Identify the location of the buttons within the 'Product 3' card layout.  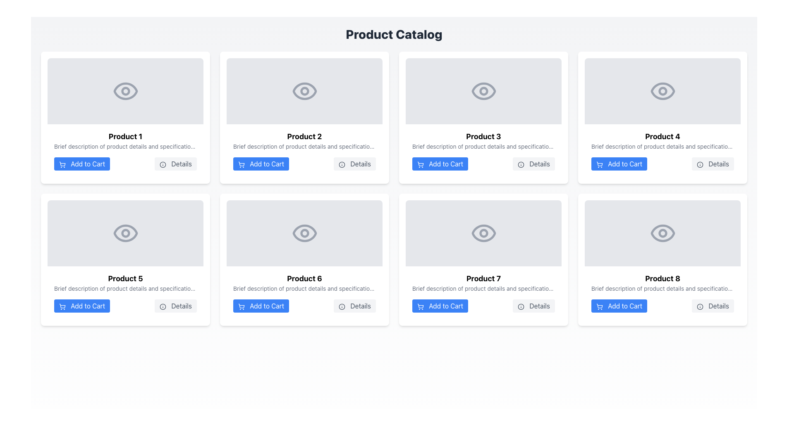
(483, 151).